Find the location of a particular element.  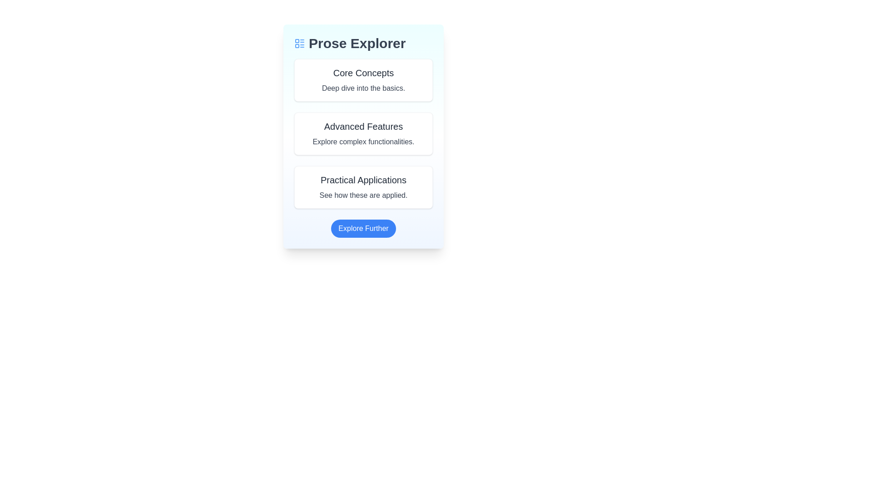

the medium-sized button with a blue background and white text that reads 'Explore Further' is located at coordinates (363, 228).